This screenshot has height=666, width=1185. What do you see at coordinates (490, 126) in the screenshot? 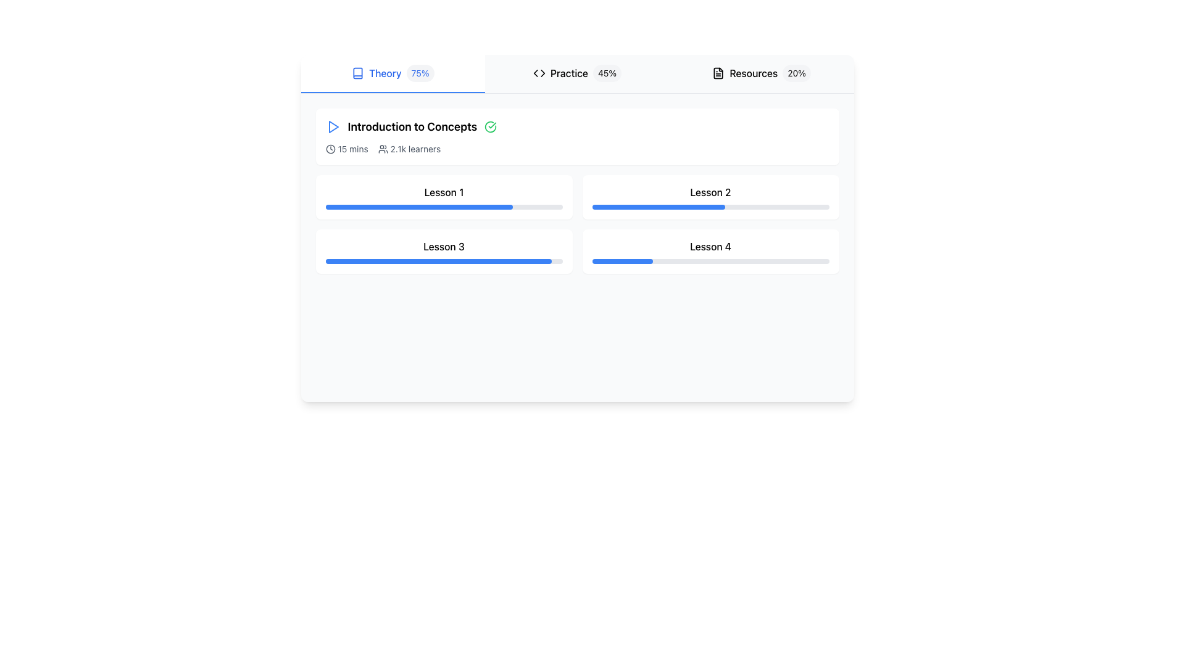
I see `the completion icon located to the right of the text 'Introduction to Concepts' to indicate confirmation` at bounding box center [490, 126].